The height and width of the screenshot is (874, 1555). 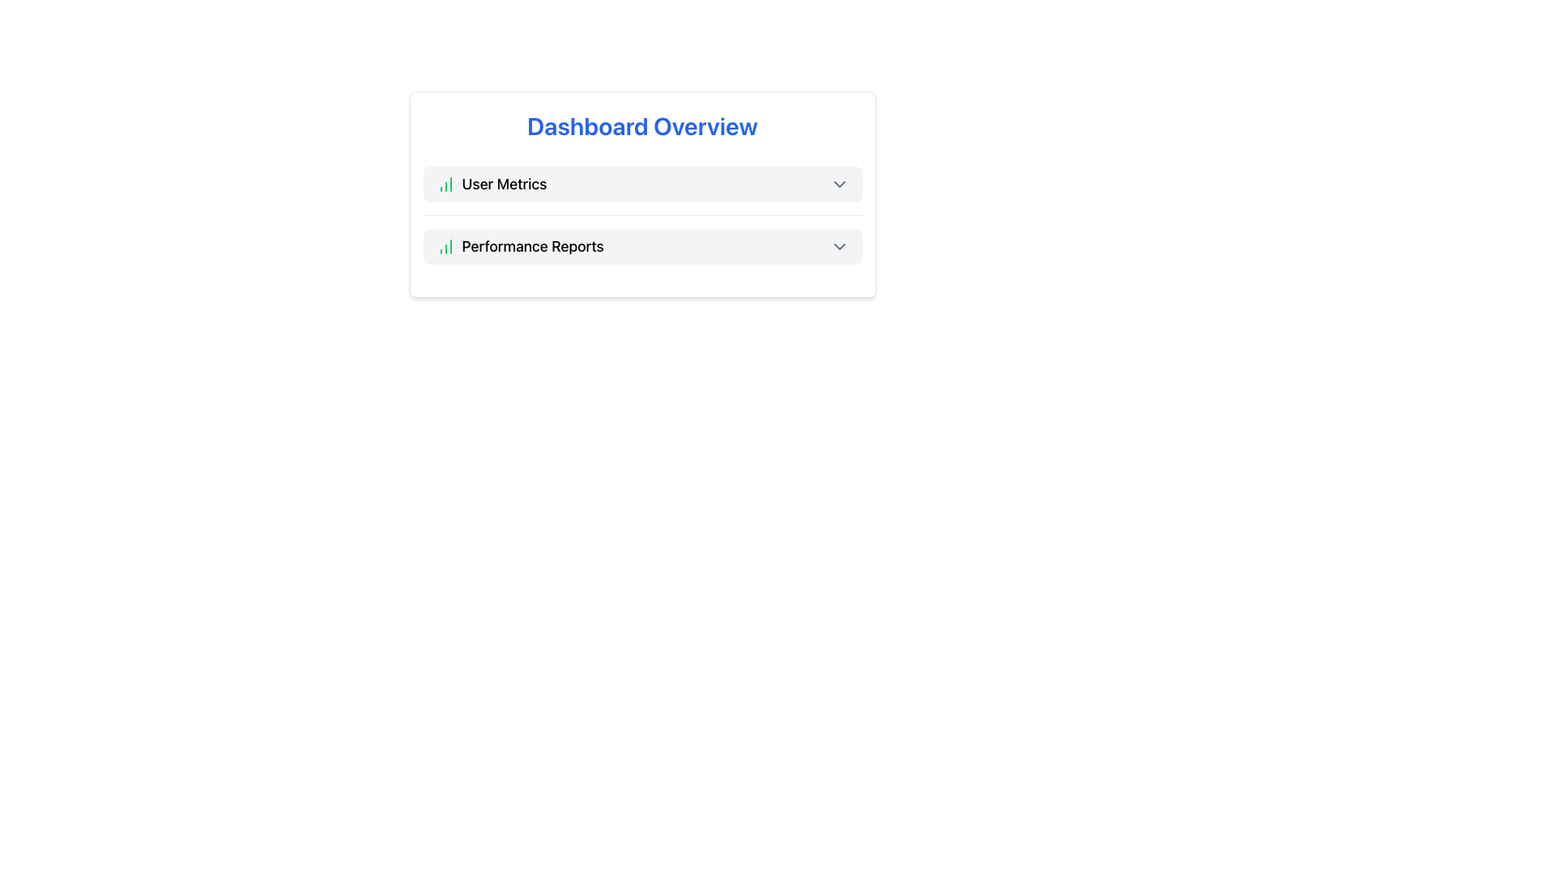 What do you see at coordinates (533, 246) in the screenshot?
I see `text from the 'Performance Reports' label, which is a bold black text label located in the left-center of the interface, following a green icon` at bounding box center [533, 246].